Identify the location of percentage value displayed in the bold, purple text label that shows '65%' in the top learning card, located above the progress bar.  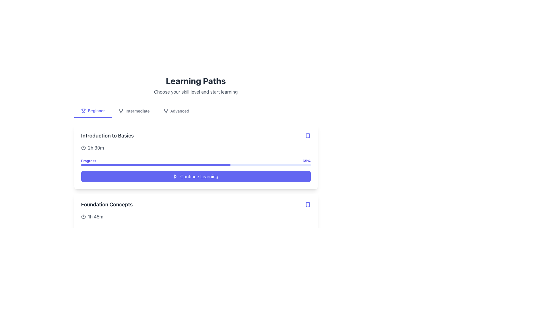
(306, 160).